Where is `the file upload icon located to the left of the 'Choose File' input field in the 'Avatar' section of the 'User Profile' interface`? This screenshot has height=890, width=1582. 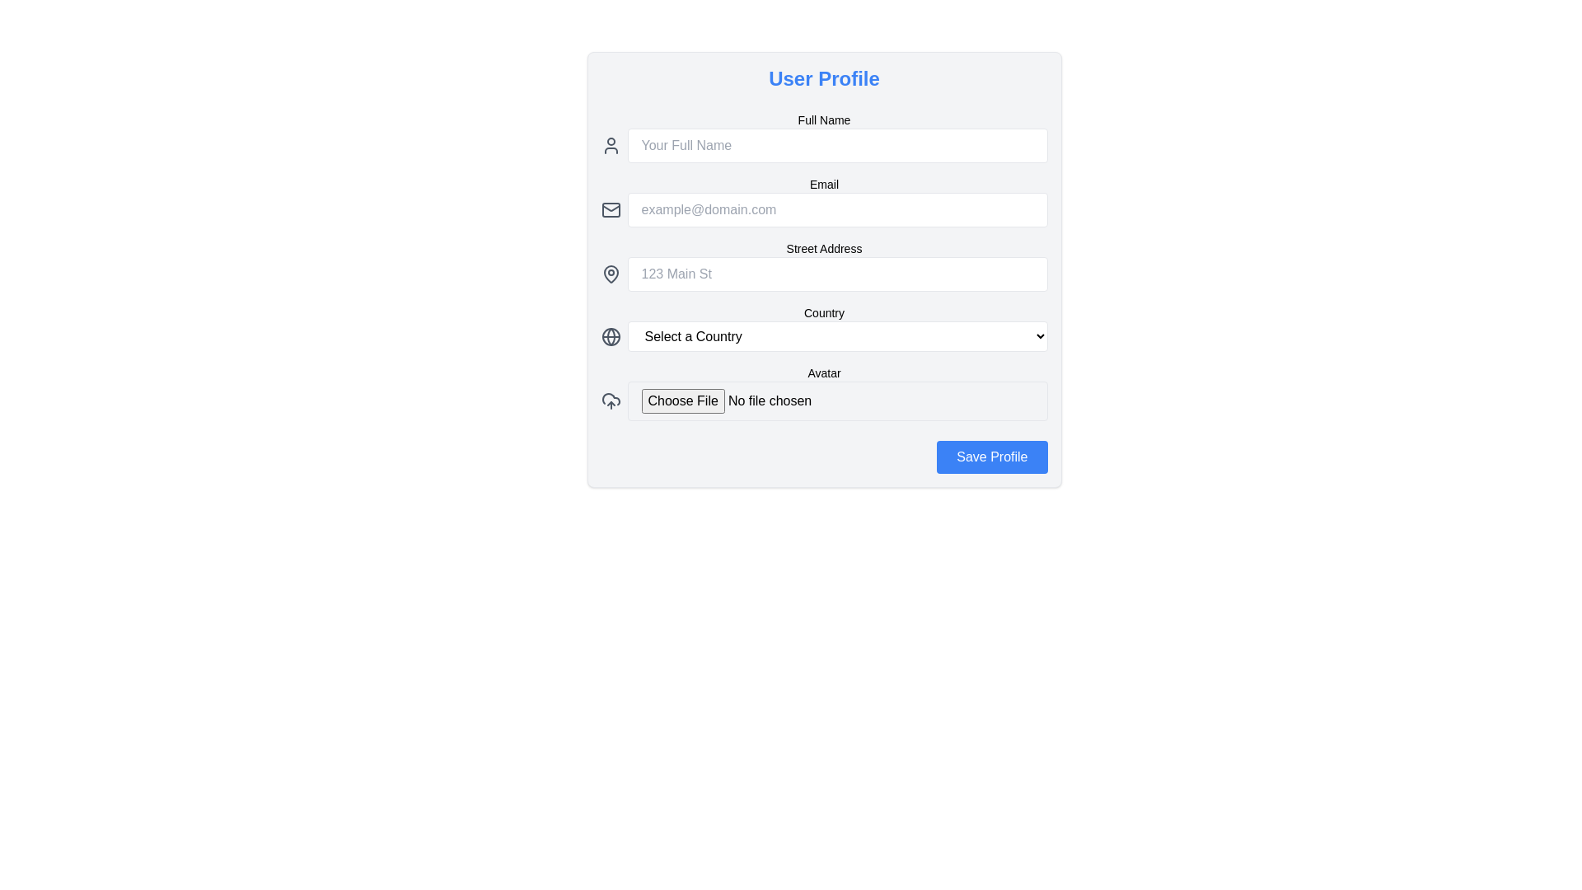 the file upload icon located to the left of the 'Choose File' input field in the 'Avatar' section of the 'User Profile' interface is located at coordinates (610, 400).